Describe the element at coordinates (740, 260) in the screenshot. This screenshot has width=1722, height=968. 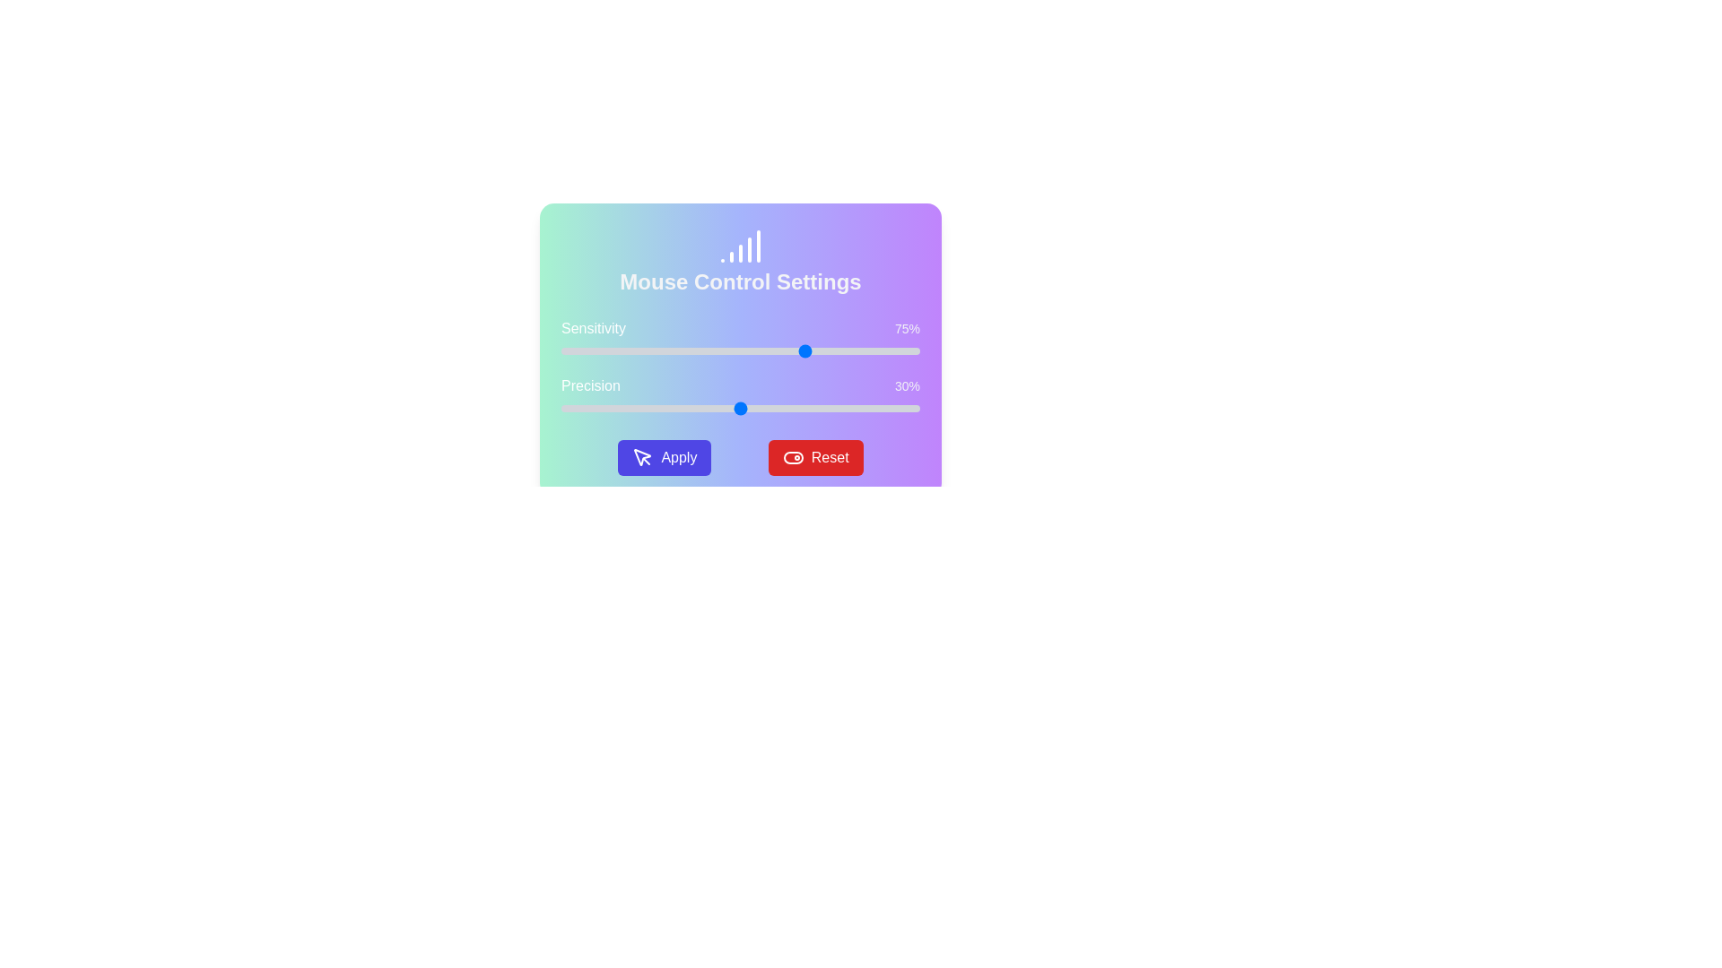
I see `the centered header displaying 'Mouse Control Settings' with a signal icon above it, located in the top section of the card interface` at that location.